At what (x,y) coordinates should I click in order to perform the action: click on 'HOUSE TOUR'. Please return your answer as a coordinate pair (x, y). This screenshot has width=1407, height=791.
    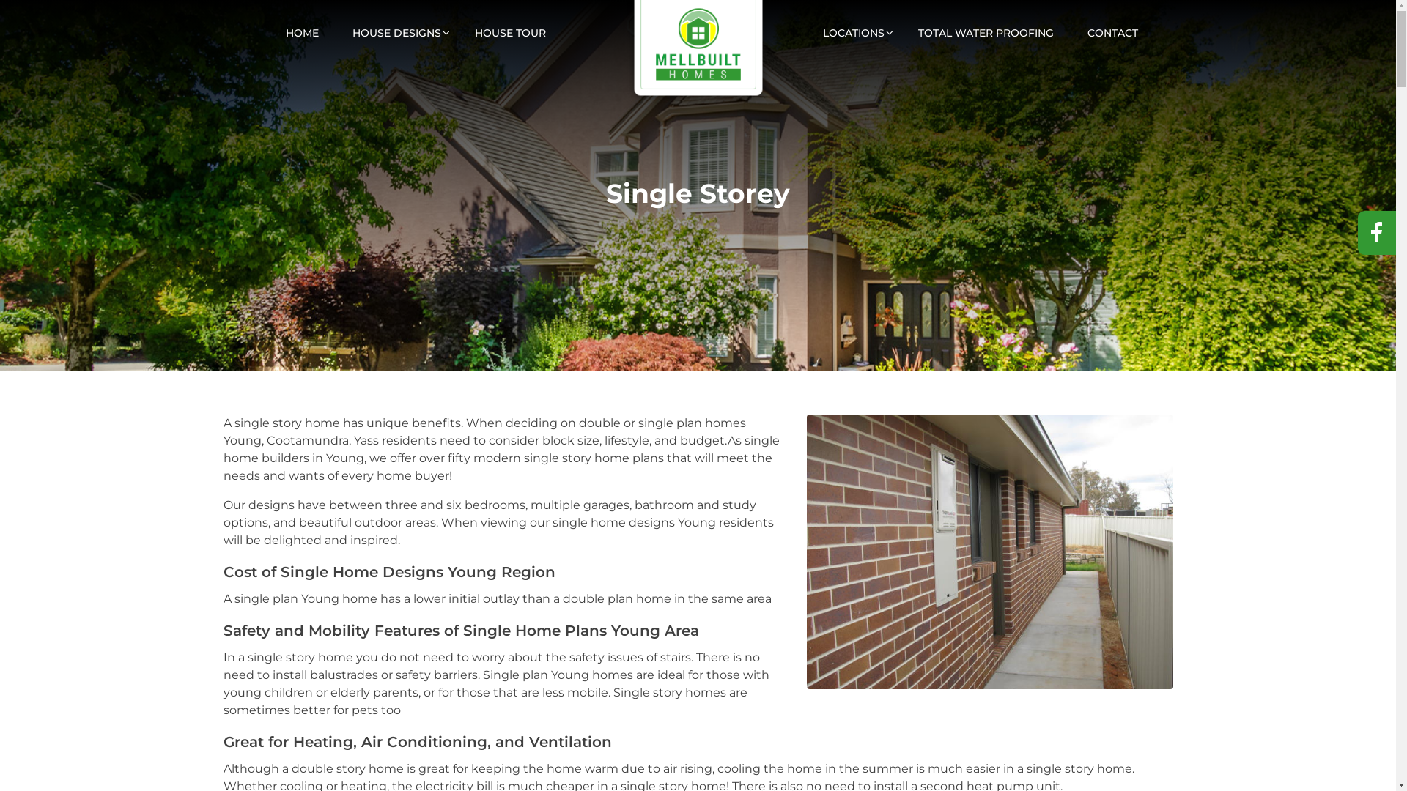
    Looking at the image, I should click on (510, 24).